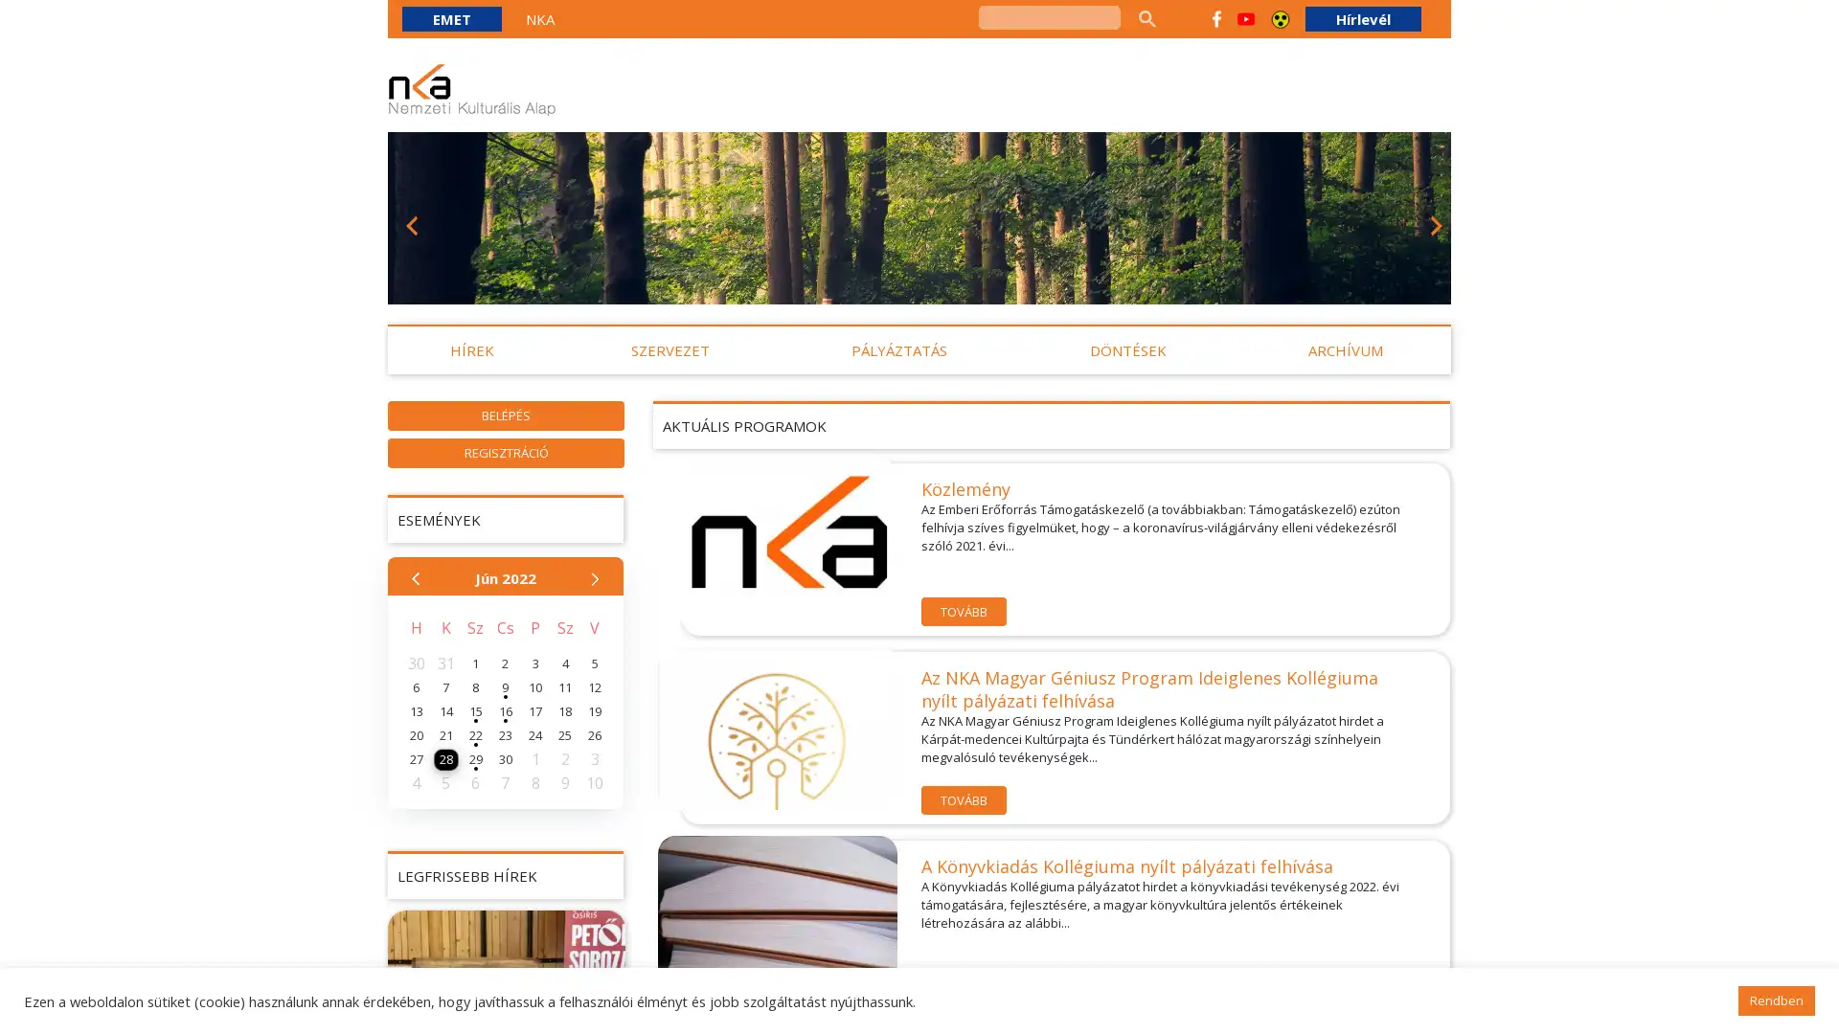  What do you see at coordinates (1126, 350) in the screenshot?
I see `DONTESEK` at bounding box center [1126, 350].